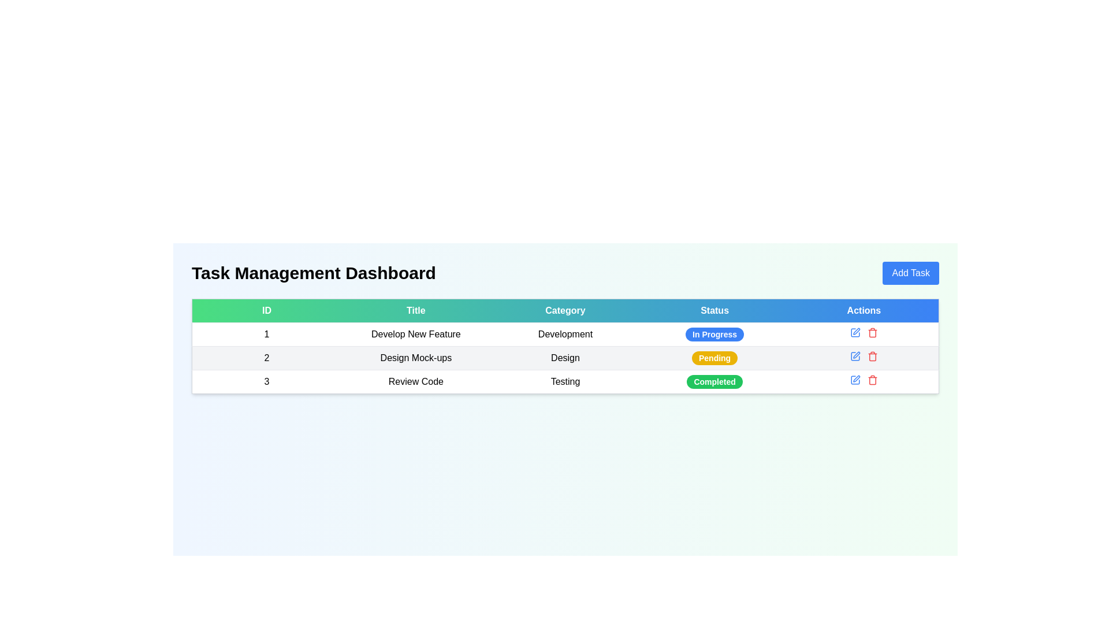  Describe the element at coordinates (565, 310) in the screenshot. I see `the 'Category' text label in the table header, which is displayed in white against a gradient green-to-blue background and is located between the 'Title' and 'Status' headers` at that location.